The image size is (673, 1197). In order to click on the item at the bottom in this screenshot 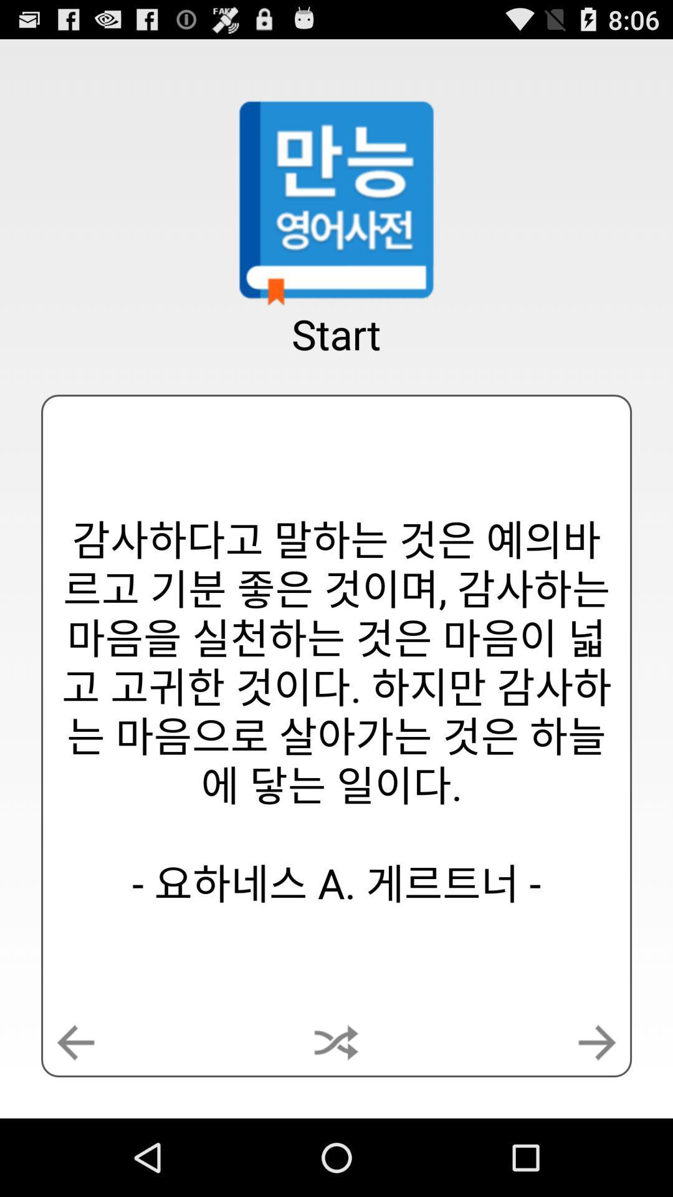, I will do `click(336, 1042)`.